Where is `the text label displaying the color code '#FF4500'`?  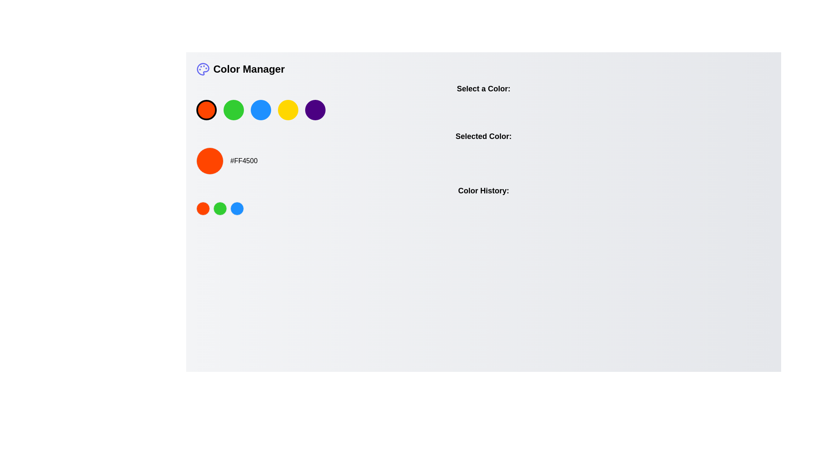
the text label displaying the color code '#FF4500' is located at coordinates (244, 161).